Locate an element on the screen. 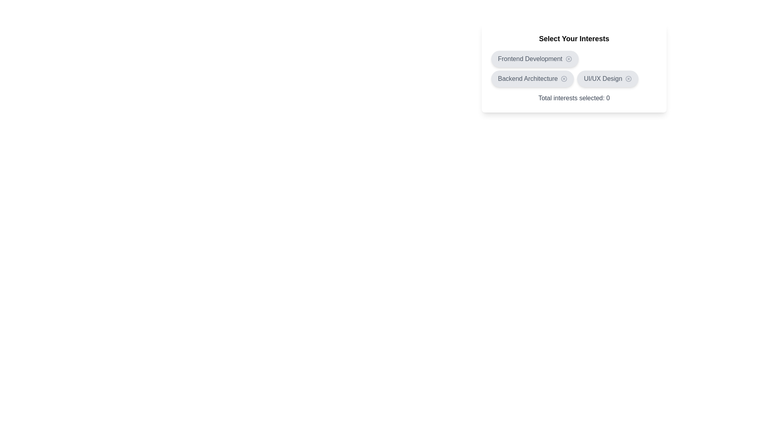 This screenshot has height=428, width=760. the SVG Circle Component located inside the 'Backend Architecture' badge, positioned to the right side as part of a visual indicator is located at coordinates (564, 79).